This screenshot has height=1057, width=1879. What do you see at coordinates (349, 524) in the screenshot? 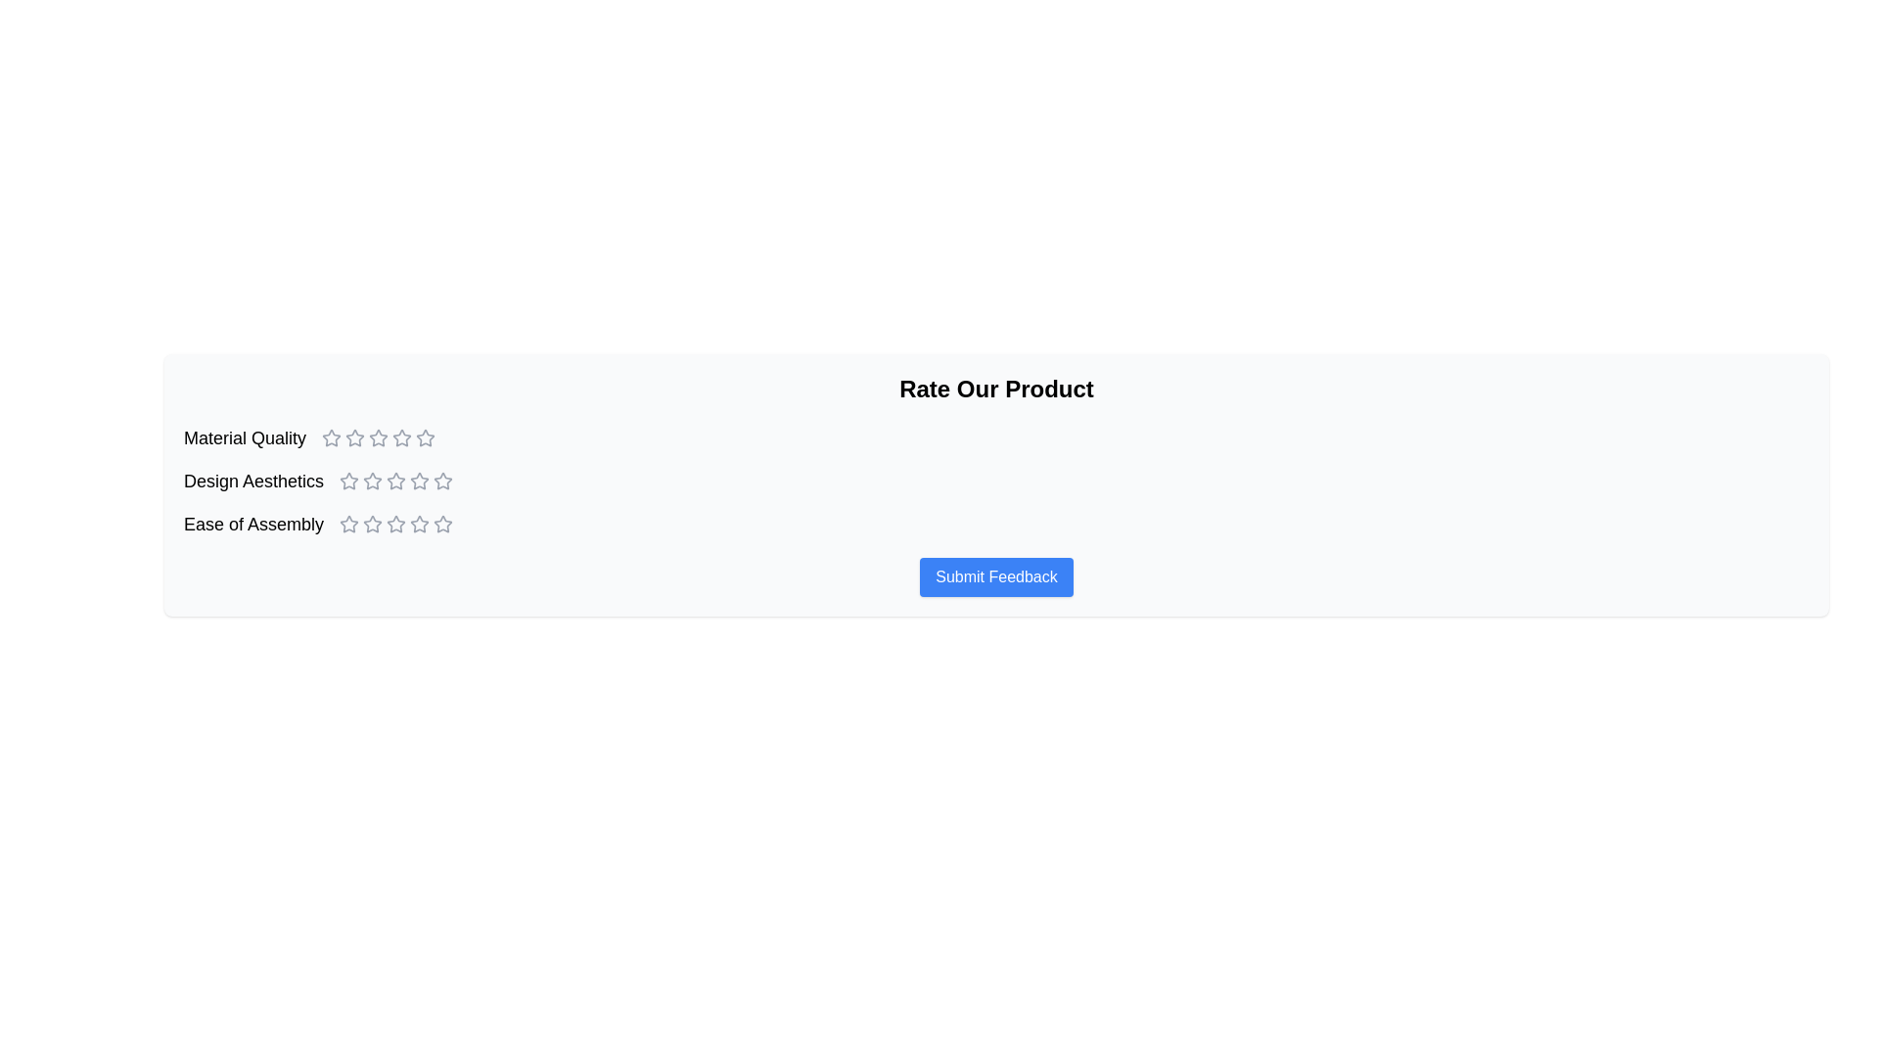
I see `the first hollow star icon in the rating component next` at bounding box center [349, 524].